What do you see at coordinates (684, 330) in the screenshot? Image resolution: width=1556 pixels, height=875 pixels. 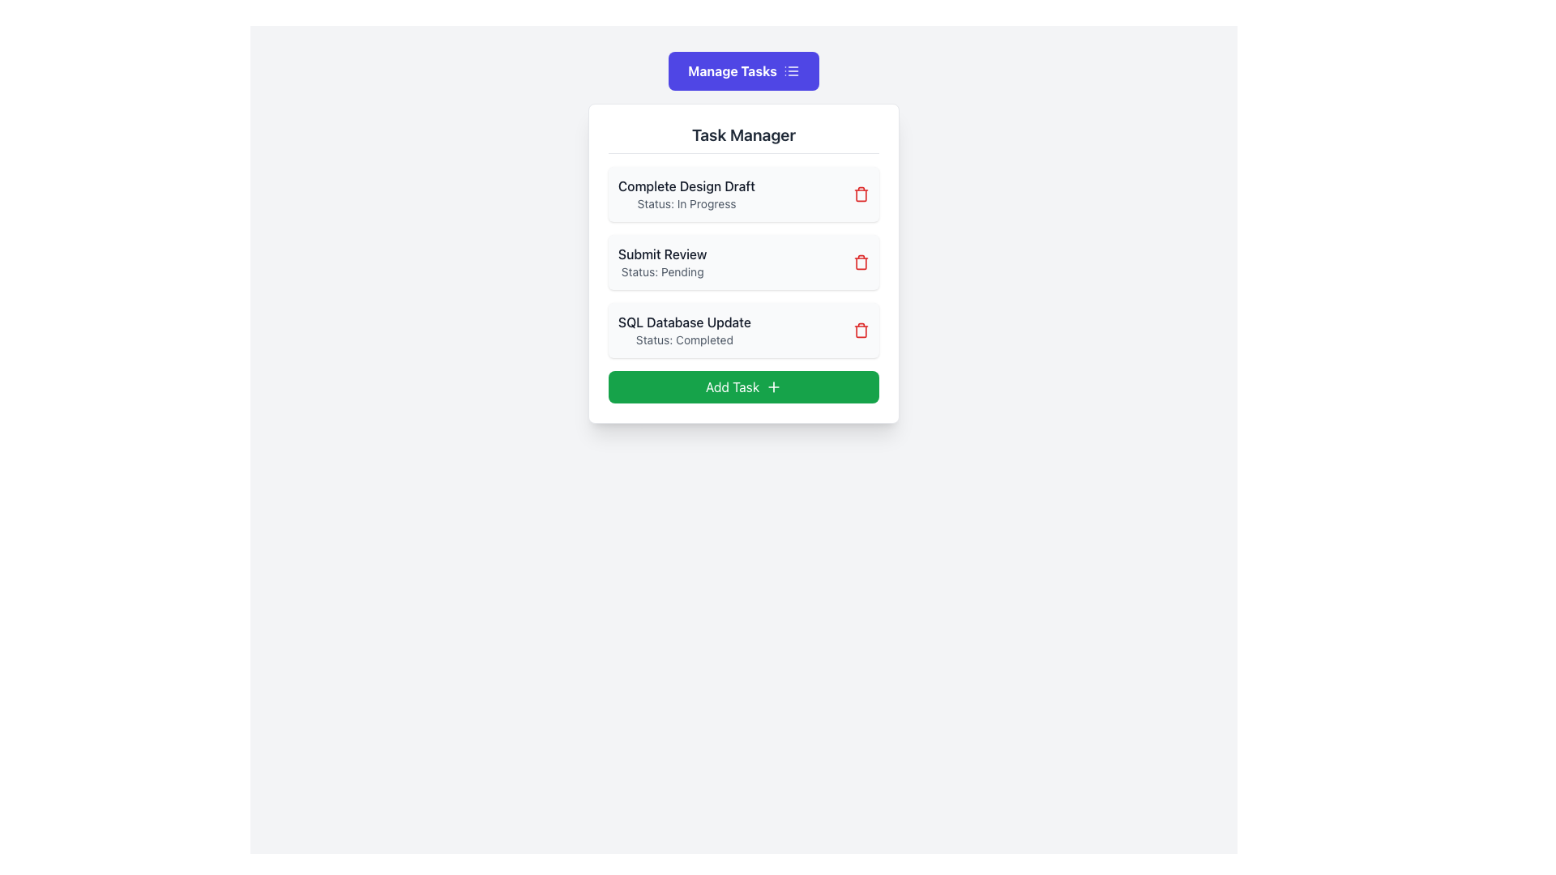 I see `the Information text block that indicates the 'SQL Database Update' task status as 'Completed', which is the third item in the 'Task Manager' section` at bounding box center [684, 330].